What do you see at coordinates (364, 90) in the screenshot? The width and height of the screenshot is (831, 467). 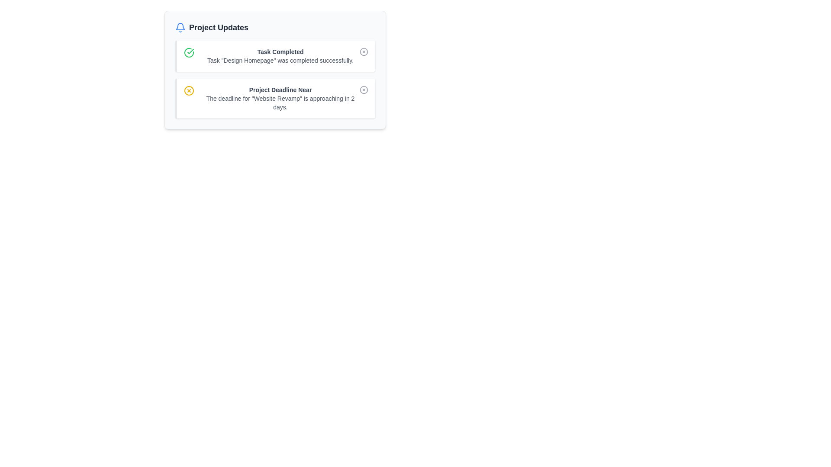 I see `the close button (small circle with an 'X' inside) at the top-right corner of the 'Project Deadline Near' notification` at bounding box center [364, 90].